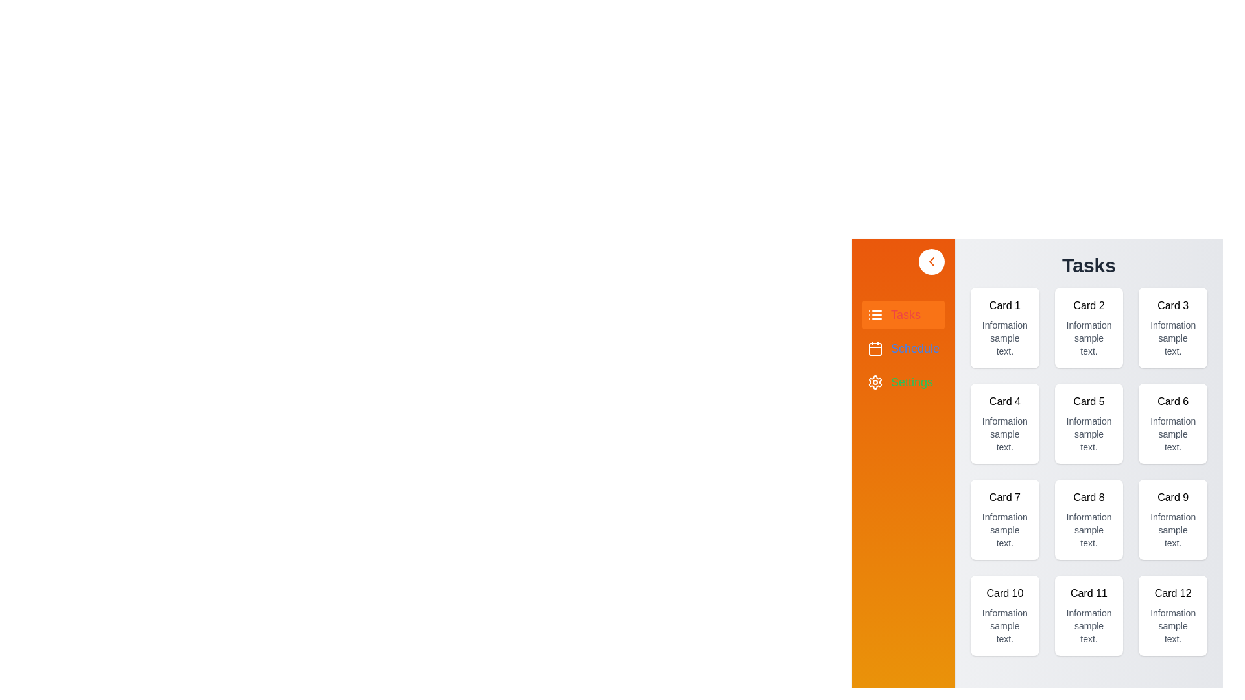  What do you see at coordinates (903, 382) in the screenshot?
I see `the Settings section from the drawer` at bounding box center [903, 382].